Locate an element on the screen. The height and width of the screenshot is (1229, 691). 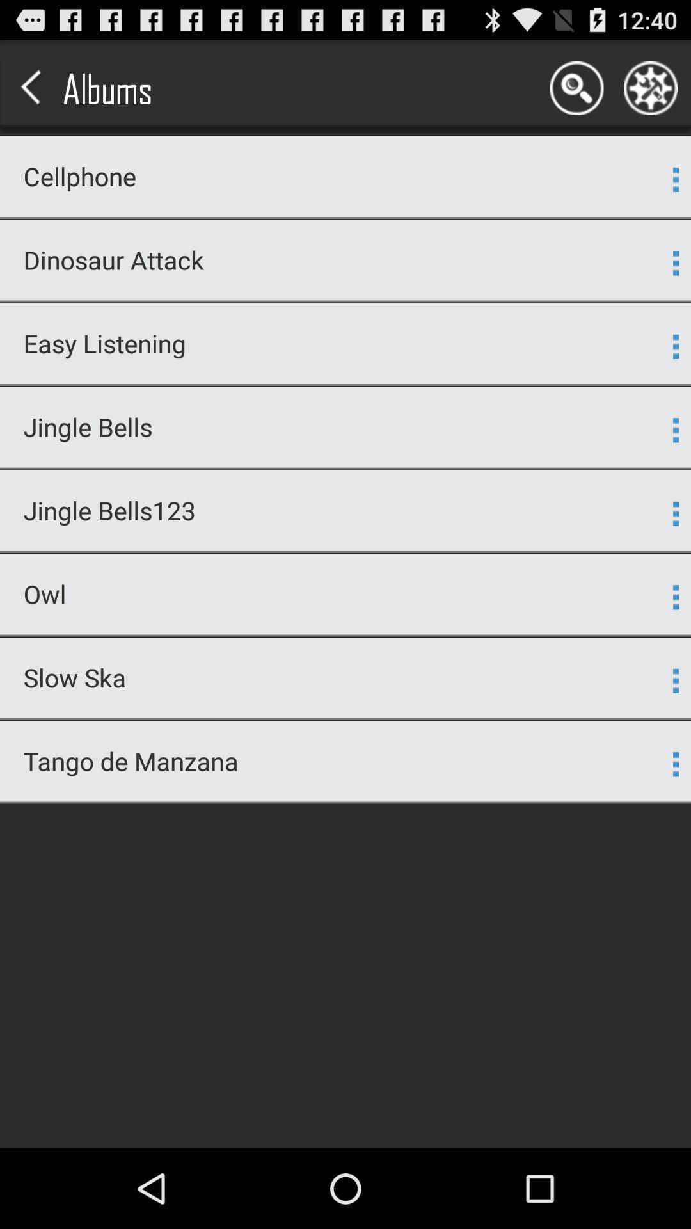
the item below the owl is located at coordinates (345, 636).